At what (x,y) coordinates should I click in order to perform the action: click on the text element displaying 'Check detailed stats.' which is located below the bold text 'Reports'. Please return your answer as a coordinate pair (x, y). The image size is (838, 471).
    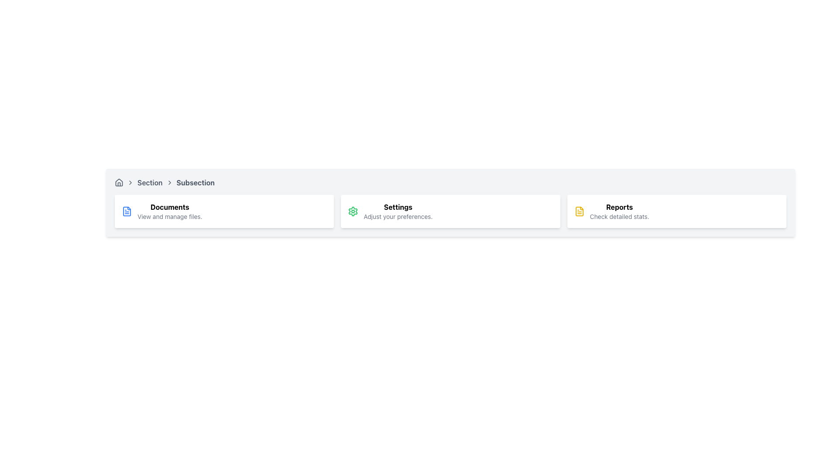
    Looking at the image, I should click on (619, 216).